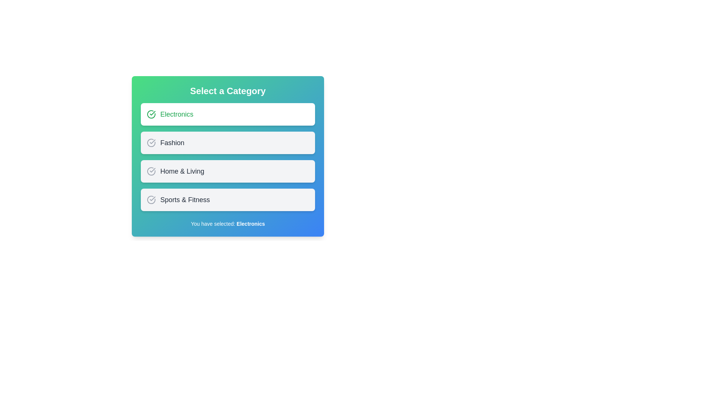  I want to click on the large, bold title with white text saying 'Select a Category' positioned at the top of a gradient background, so click(227, 91).